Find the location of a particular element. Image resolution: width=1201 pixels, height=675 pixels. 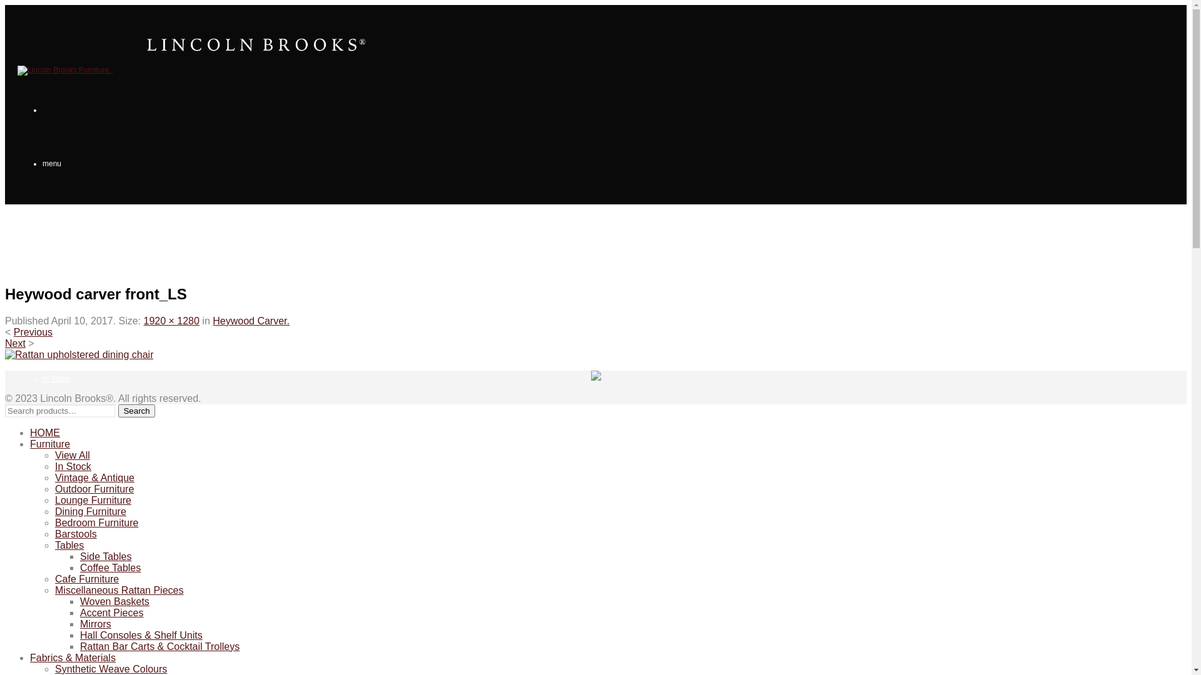

'Next' is located at coordinates (15, 343).